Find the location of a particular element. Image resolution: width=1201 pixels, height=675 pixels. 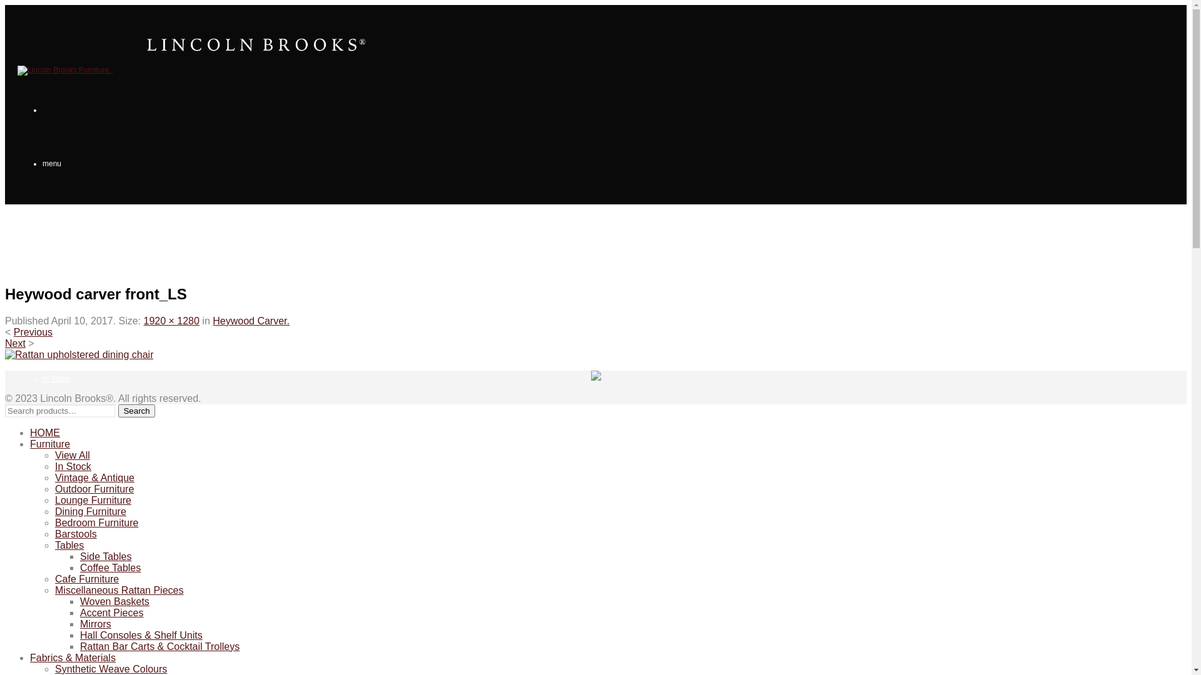

'Next' is located at coordinates (15, 343).